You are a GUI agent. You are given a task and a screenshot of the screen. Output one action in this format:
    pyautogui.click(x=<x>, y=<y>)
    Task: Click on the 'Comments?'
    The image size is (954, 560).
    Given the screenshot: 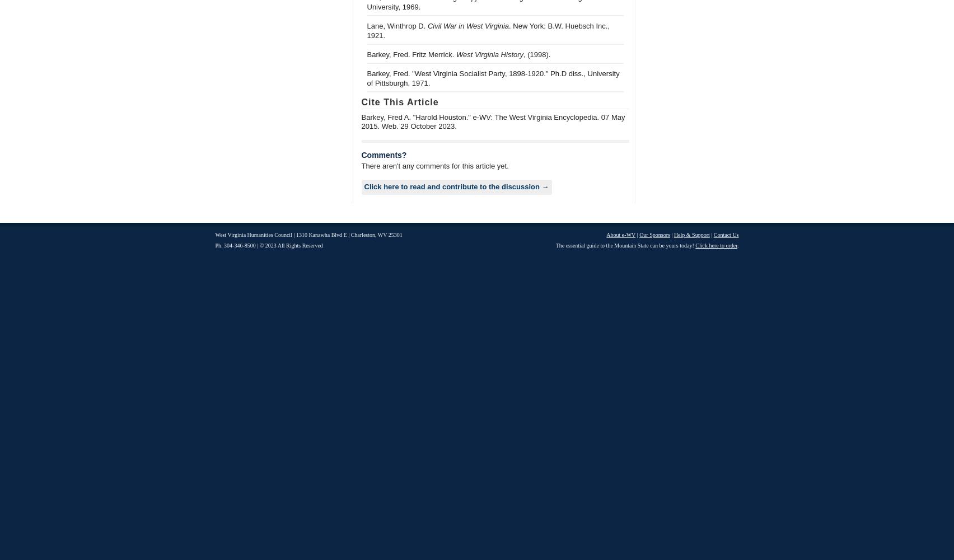 What is the action you would take?
    pyautogui.click(x=383, y=155)
    